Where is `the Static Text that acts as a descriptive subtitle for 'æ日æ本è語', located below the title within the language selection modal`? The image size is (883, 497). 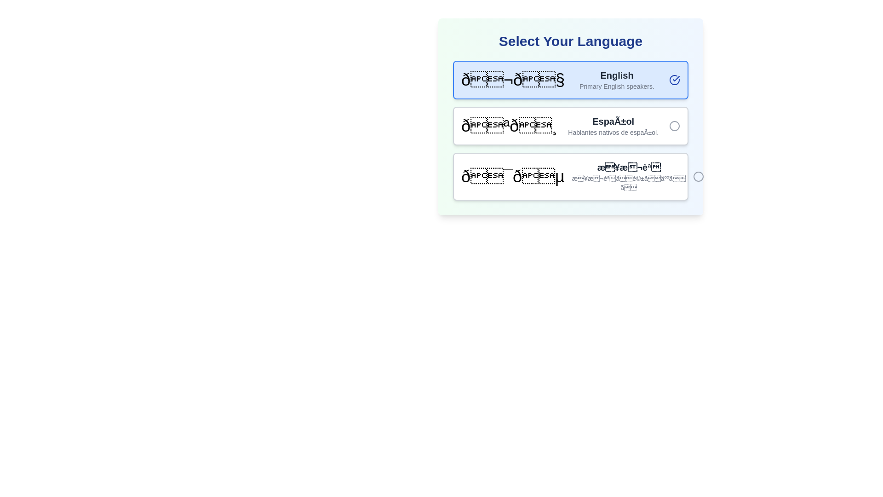
the Static Text that acts as a descriptive subtitle for 'æ日æ本è語', located below the title within the language selection modal is located at coordinates (628, 183).